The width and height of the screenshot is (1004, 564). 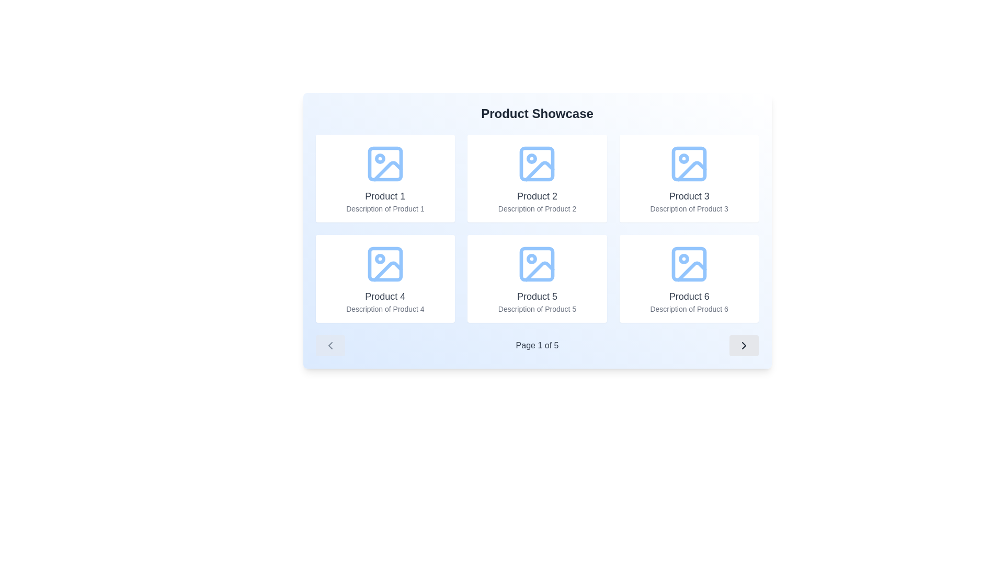 What do you see at coordinates (537, 346) in the screenshot?
I see `text from the pagination label indicating the current position within the multi-page display, which shows 'Page 1 of 5'. This label is located in the bottom section of the interface, horizontally centered between navigation buttons` at bounding box center [537, 346].